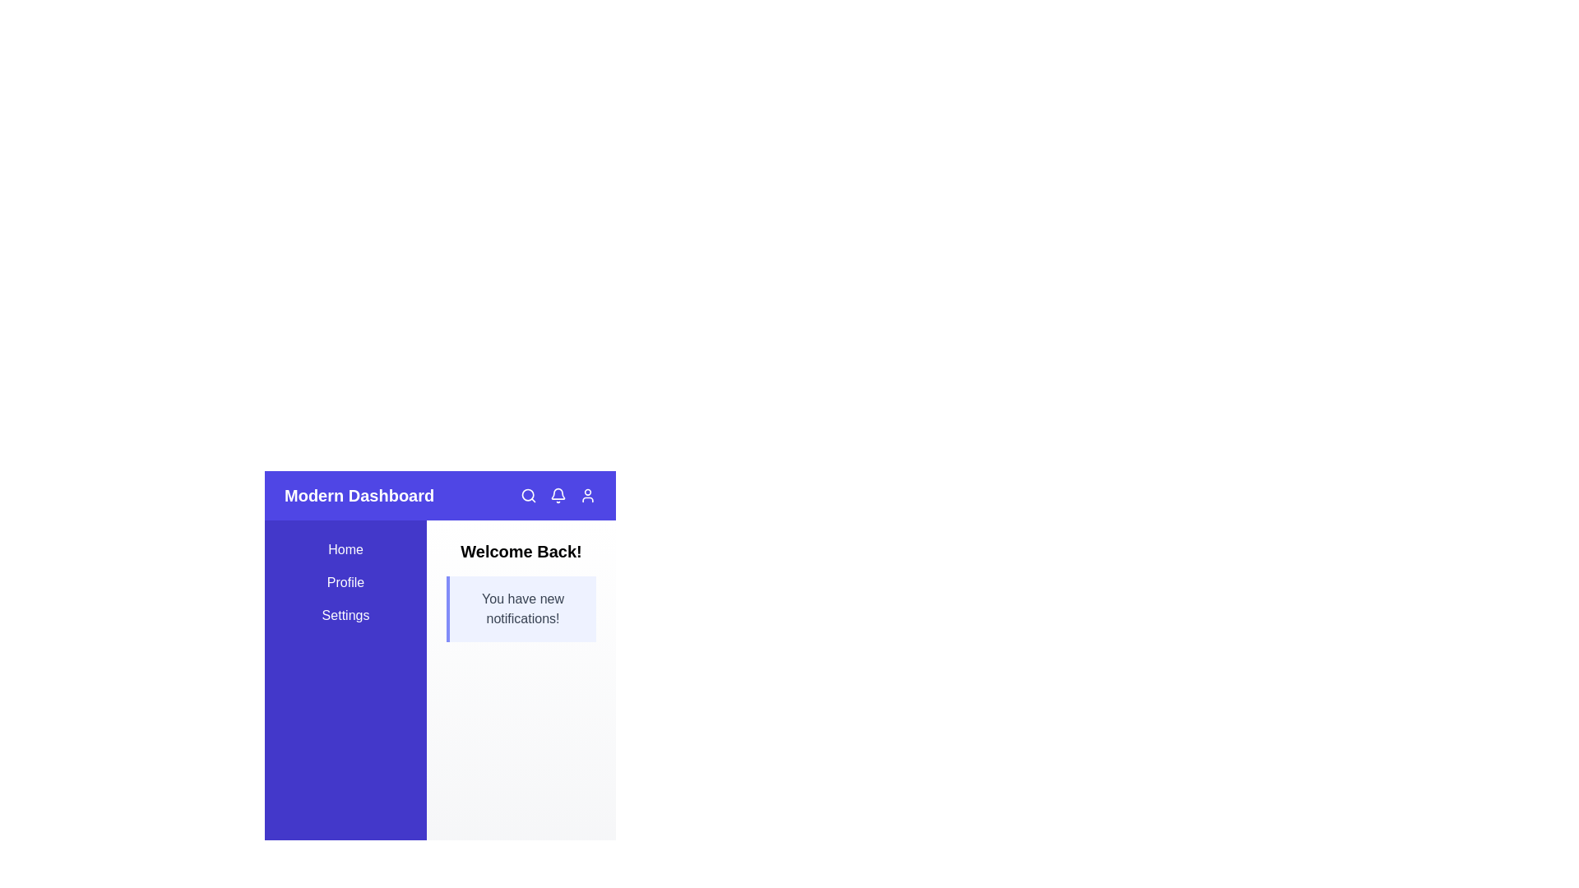 The image size is (1579, 888). What do you see at coordinates (558, 494) in the screenshot?
I see `the bell icon to toggle the notification panel` at bounding box center [558, 494].